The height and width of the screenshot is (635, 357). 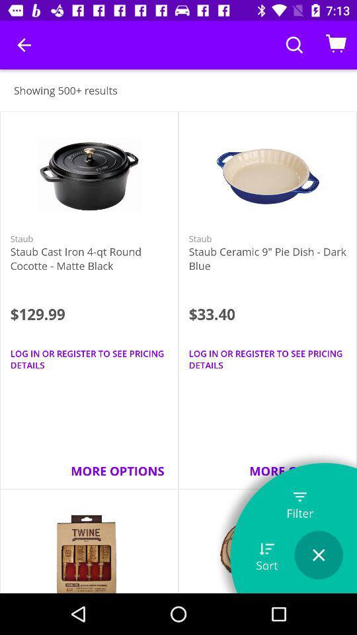 What do you see at coordinates (318, 555) in the screenshot?
I see `the option is used to close the page` at bounding box center [318, 555].